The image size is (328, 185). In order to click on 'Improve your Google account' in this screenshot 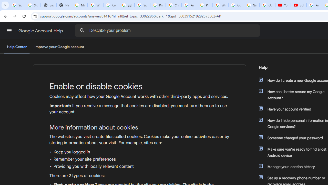, I will do `click(59, 47)`.